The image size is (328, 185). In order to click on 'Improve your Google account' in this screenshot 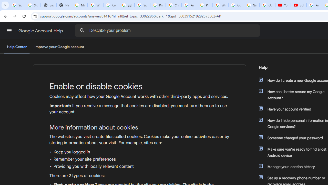, I will do `click(59, 47)`.